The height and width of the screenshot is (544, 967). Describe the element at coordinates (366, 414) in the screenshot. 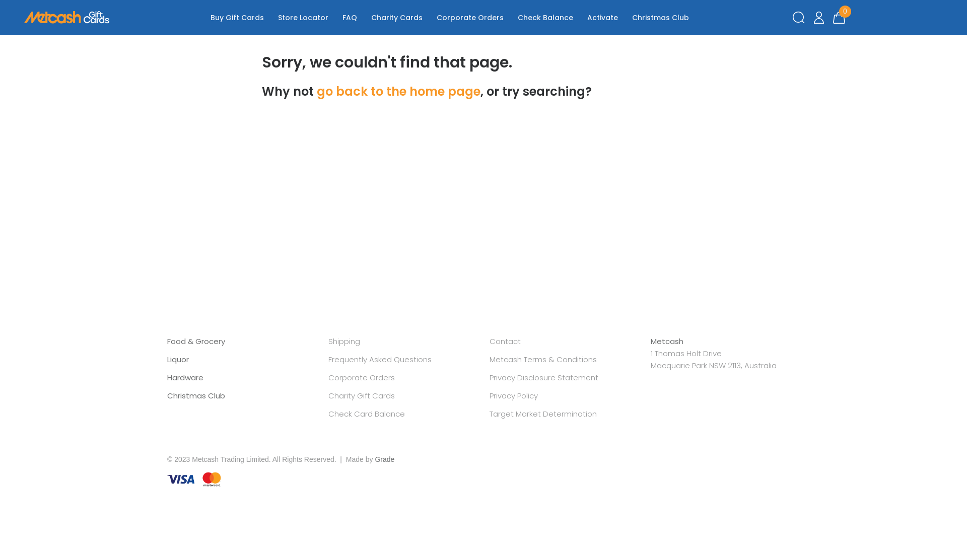

I see `'Check Card Balance'` at that location.